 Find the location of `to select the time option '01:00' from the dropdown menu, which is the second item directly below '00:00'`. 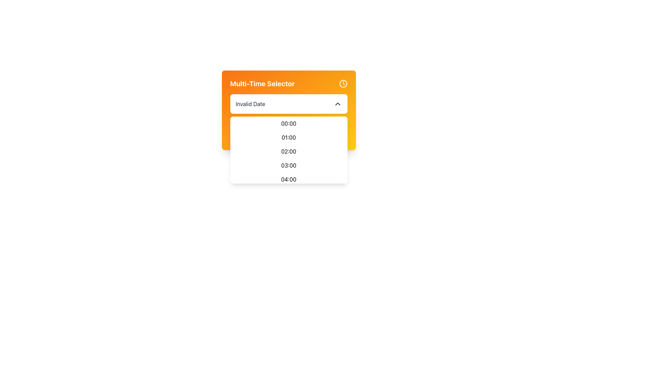

to select the time option '01:00' from the dropdown menu, which is the second item directly below '00:00' is located at coordinates (289, 137).